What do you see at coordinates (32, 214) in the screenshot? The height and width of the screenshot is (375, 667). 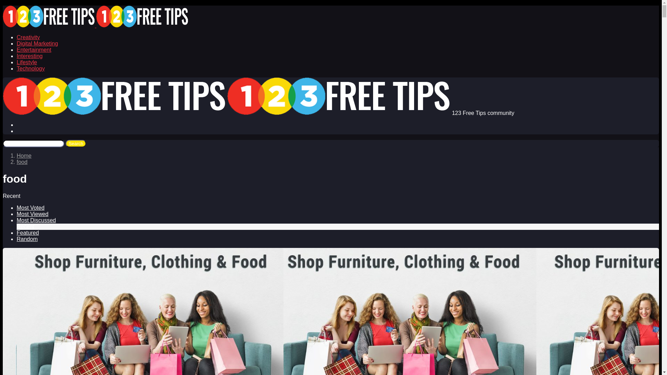 I see `'Most Viewed'` at bounding box center [32, 214].